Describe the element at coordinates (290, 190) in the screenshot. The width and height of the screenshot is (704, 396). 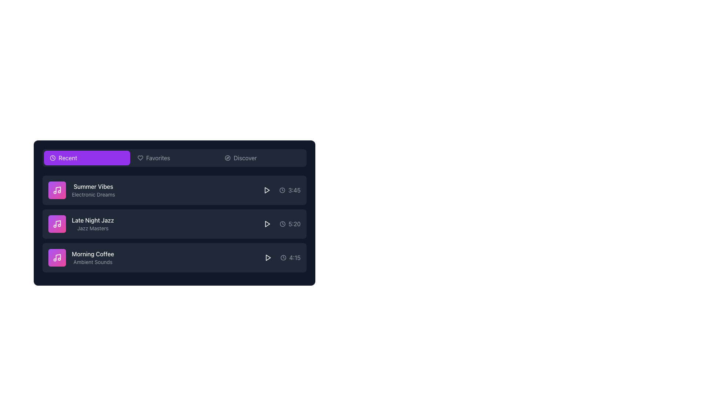
I see `the timestamp text indicating the duration of 'Summer Vibes' track located in the third row of the list` at that location.